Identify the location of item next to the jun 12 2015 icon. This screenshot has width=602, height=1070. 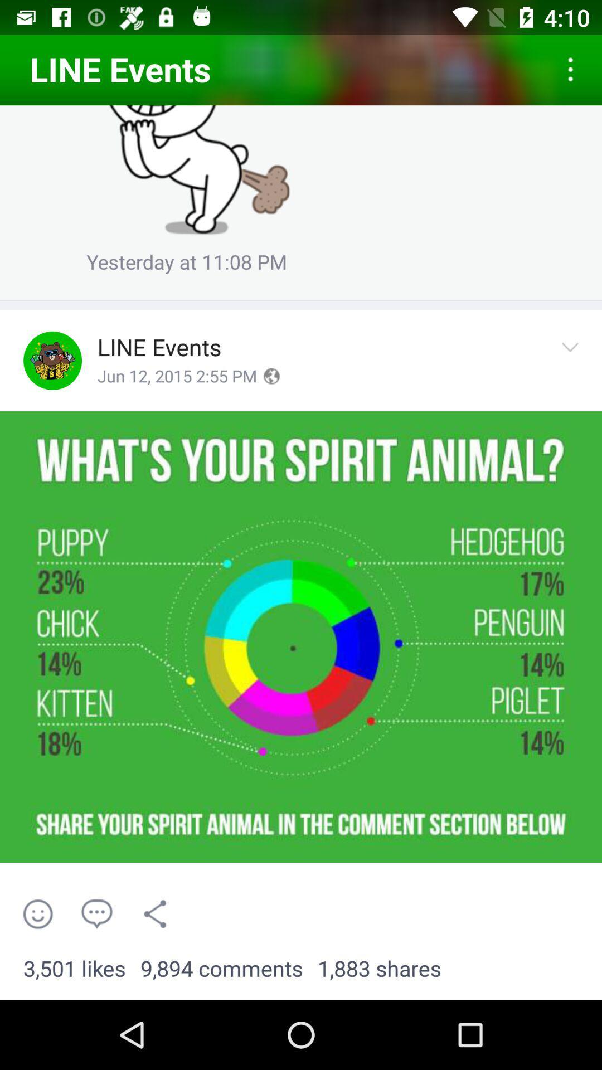
(271, 376).